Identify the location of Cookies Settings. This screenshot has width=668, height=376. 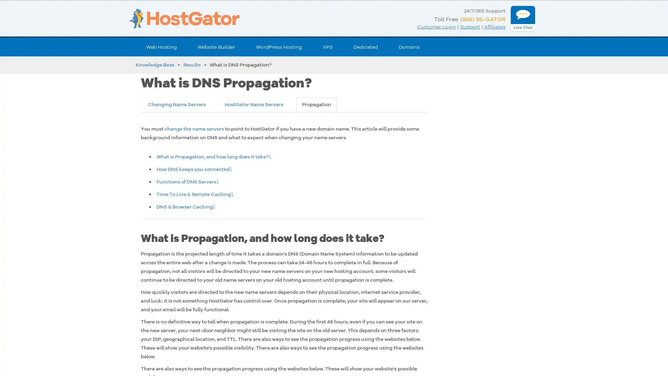
(71, 352).